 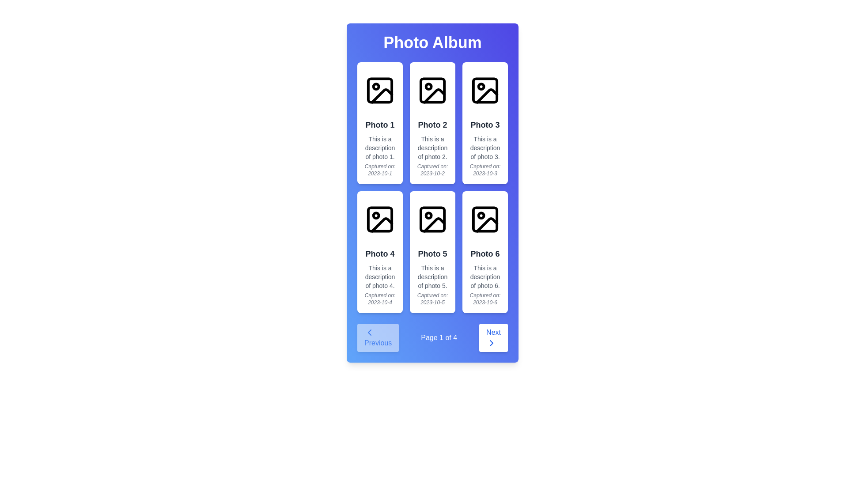 I want to click on the image placeholder icon located at the top center of the card labeled 'Photo 2', which is positioned above the title and description text block, so click(x=432, y=90).